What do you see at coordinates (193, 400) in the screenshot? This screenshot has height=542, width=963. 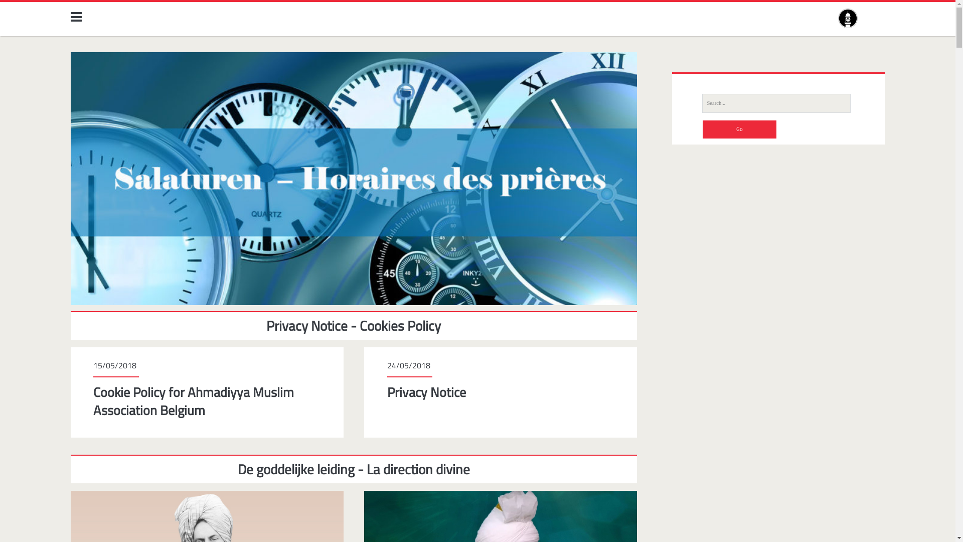 I see `'Cookie Policy for Ahmadiyya Muslim Association Belgium'` at bounding box center [193, 400].